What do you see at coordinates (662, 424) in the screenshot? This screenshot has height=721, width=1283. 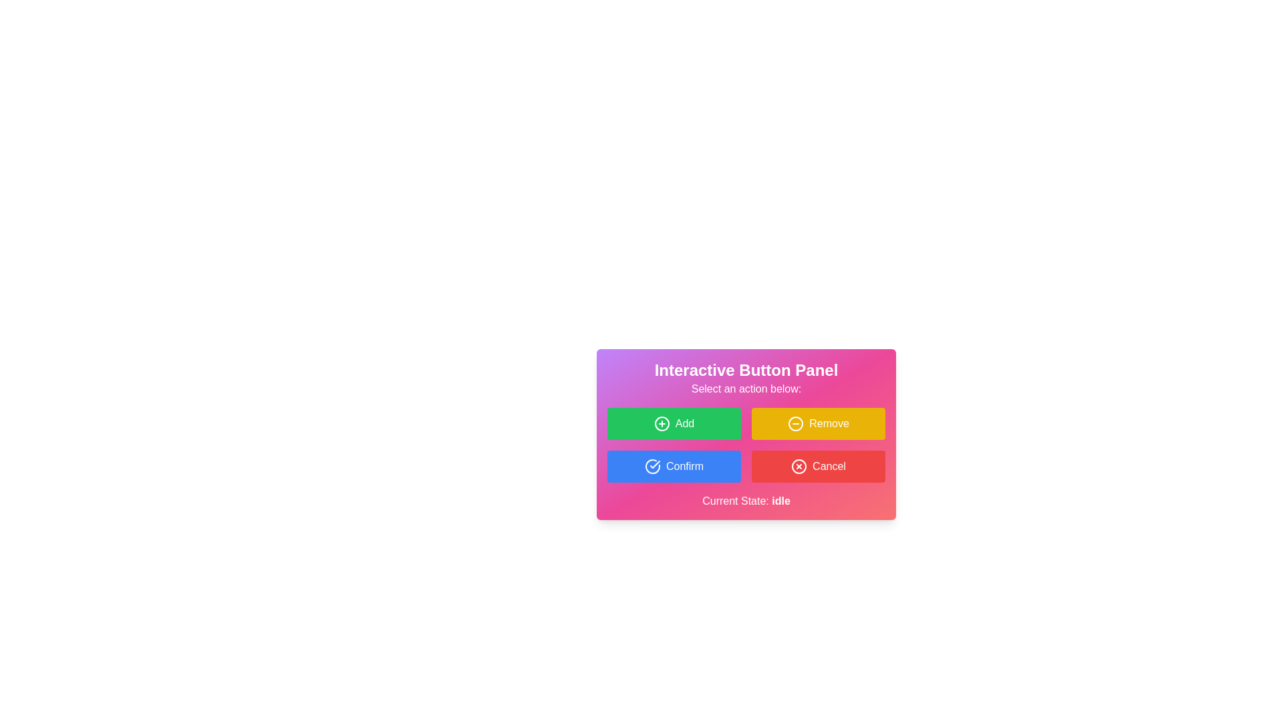 I see `the circular icon with a green outline and white plus symbol located inside the green 'Add' button in the top-left corner of the button grid` at bounding box center [662, 424].